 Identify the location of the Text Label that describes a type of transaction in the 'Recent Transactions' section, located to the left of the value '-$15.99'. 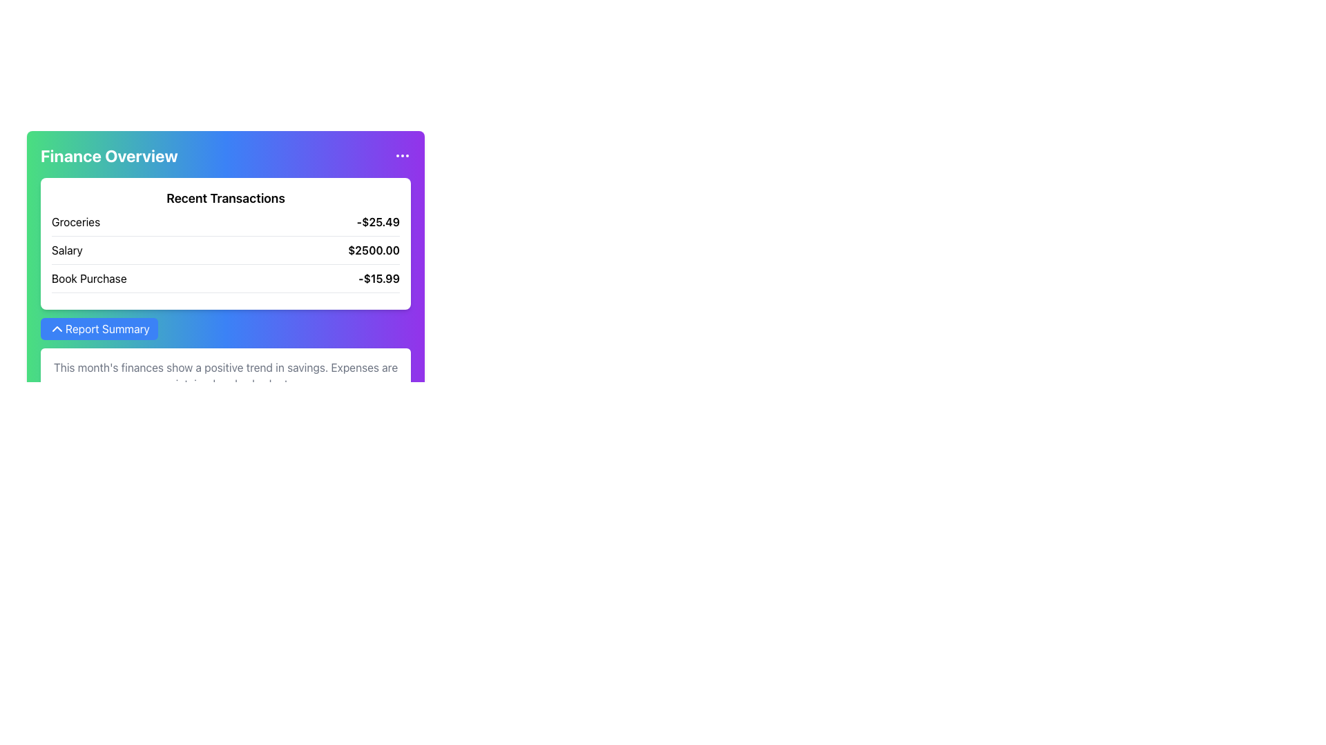
(88, 279).